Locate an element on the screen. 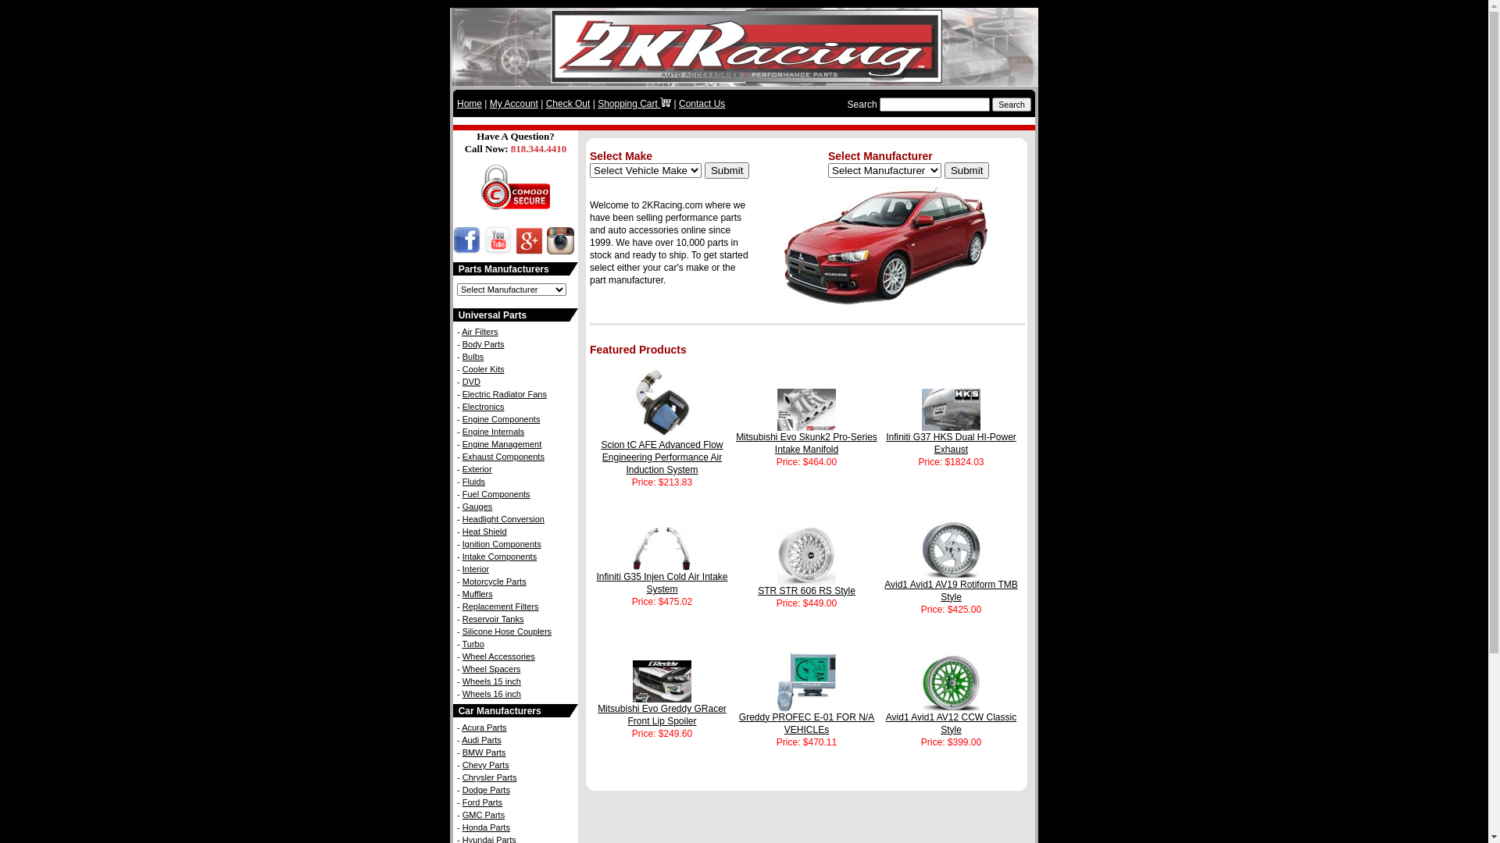 This screenshot has height=843, width=1500. 'Ford Parts' is located at coordinates (481, 802).